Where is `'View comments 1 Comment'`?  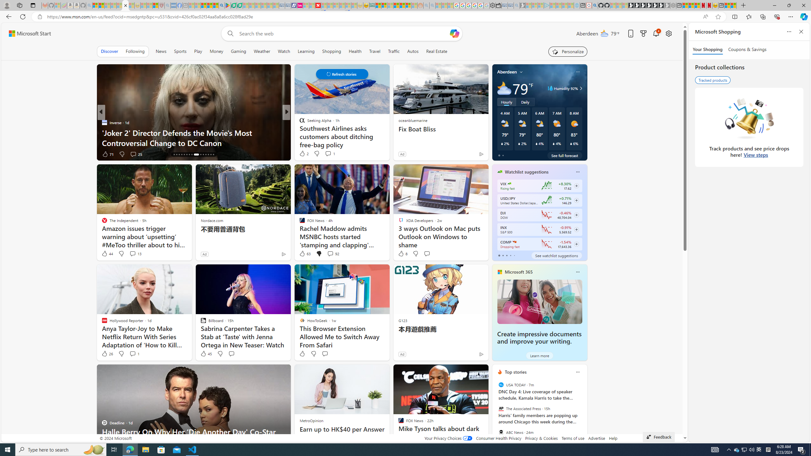
'View comments 1 Comment' is located at coordinates (132, 354).